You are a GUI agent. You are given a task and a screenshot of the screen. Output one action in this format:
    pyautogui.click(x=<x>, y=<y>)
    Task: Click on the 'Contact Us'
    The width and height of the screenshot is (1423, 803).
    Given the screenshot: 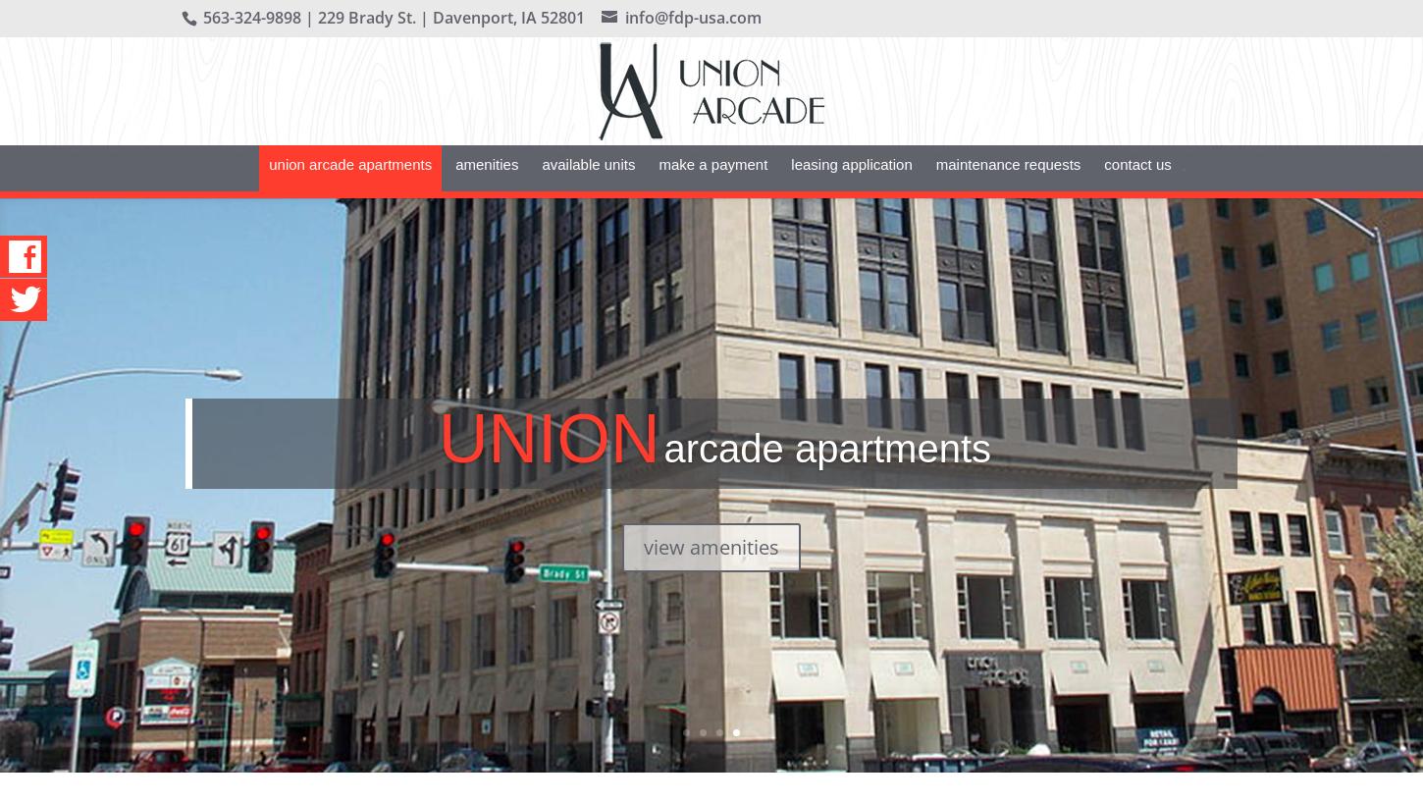 What is the action you would take?
    pyautogui.click(x=1135, y=192)
    